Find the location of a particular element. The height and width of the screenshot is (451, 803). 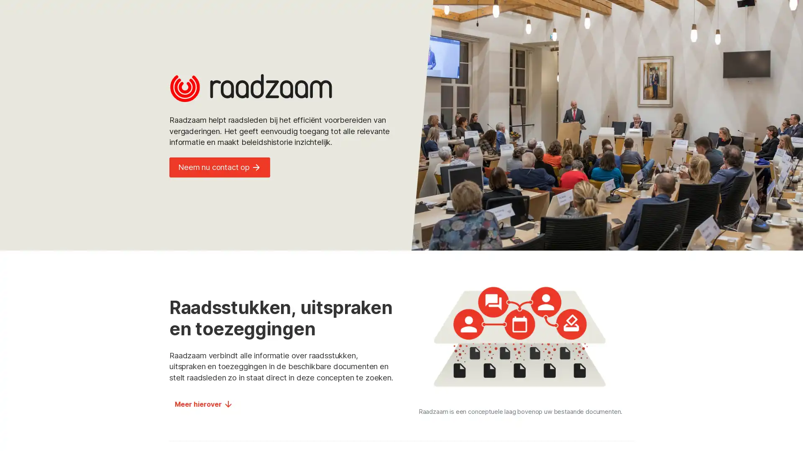

Meer hierover arrow_downwards is located at coordinates (204, 403).